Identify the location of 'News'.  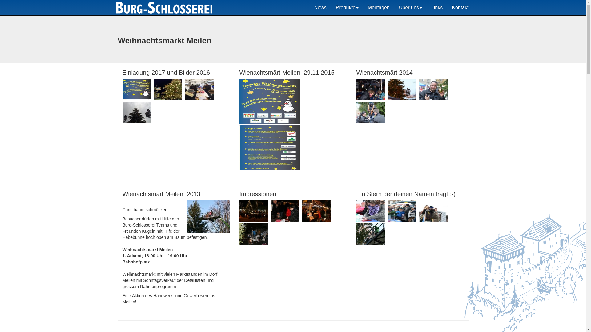
(320, 7).